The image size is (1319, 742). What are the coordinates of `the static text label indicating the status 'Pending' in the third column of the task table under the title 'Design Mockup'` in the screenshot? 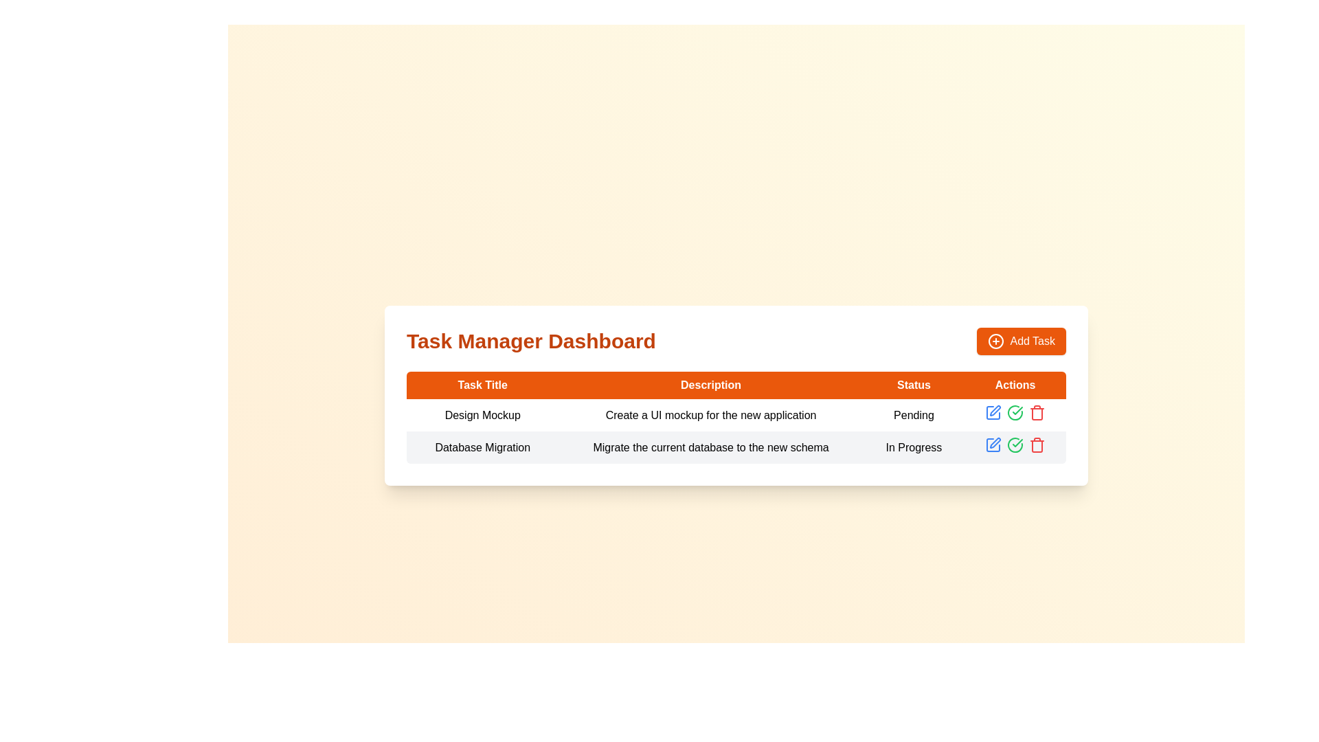 It's located at (914, 414).